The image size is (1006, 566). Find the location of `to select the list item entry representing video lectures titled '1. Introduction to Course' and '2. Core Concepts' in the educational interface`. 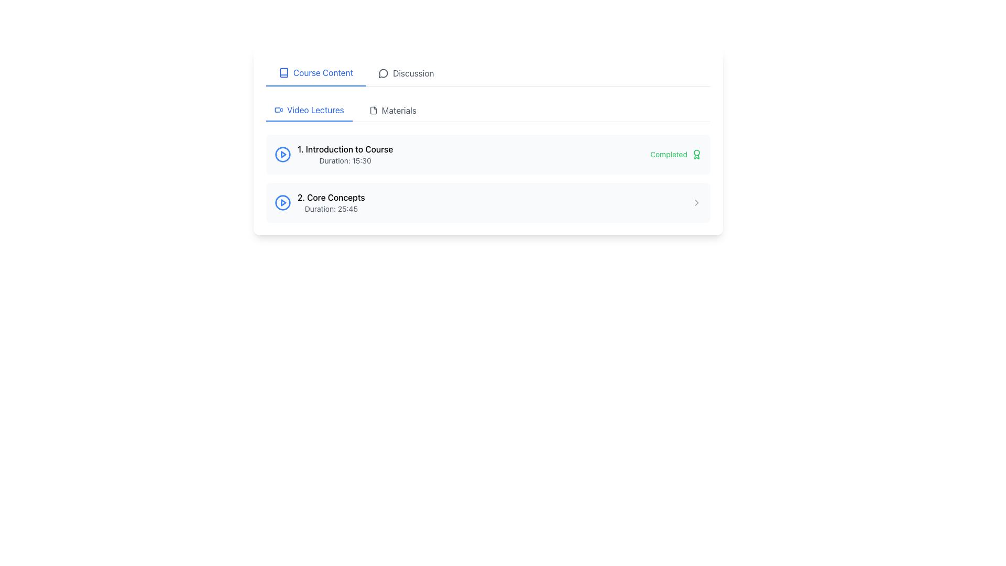

to select the list item entry representing video lectures titled '1. Introduction to Course' and '2. Core Concepts' in the educational interface is located at coordinates (487, 178).